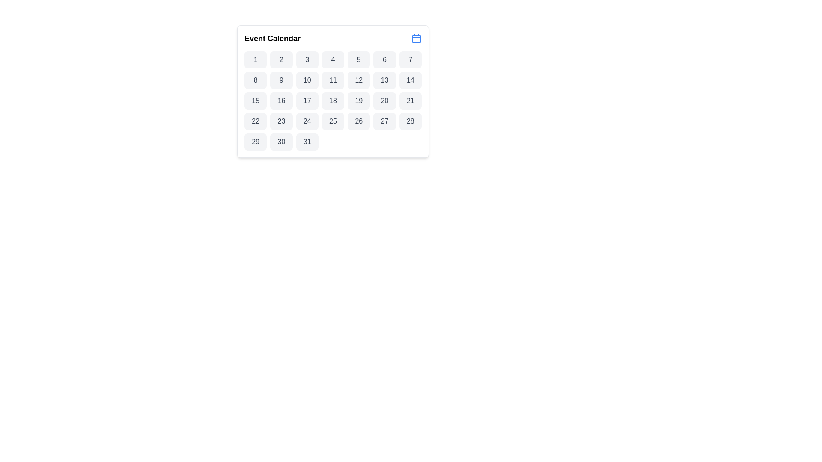 The image size is (822, 462). Describe the element at coordinates (359, 100) in the screenshot. I see `the rectangular button with rounded corners and bold-numbered text '19'` at that location.